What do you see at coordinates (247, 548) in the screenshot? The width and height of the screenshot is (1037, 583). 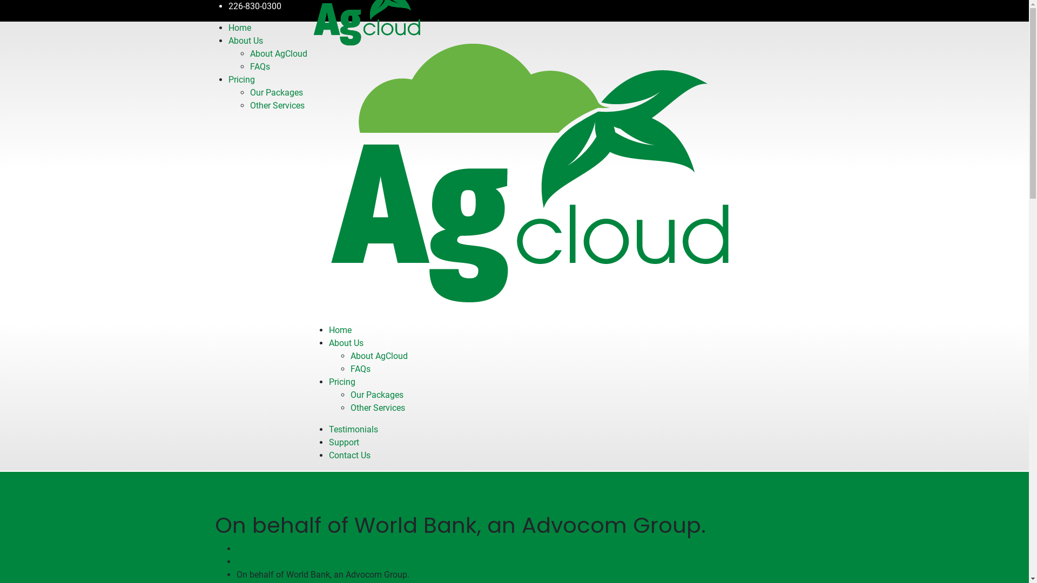 I see `'Home'` at bounding box center [247, 548].